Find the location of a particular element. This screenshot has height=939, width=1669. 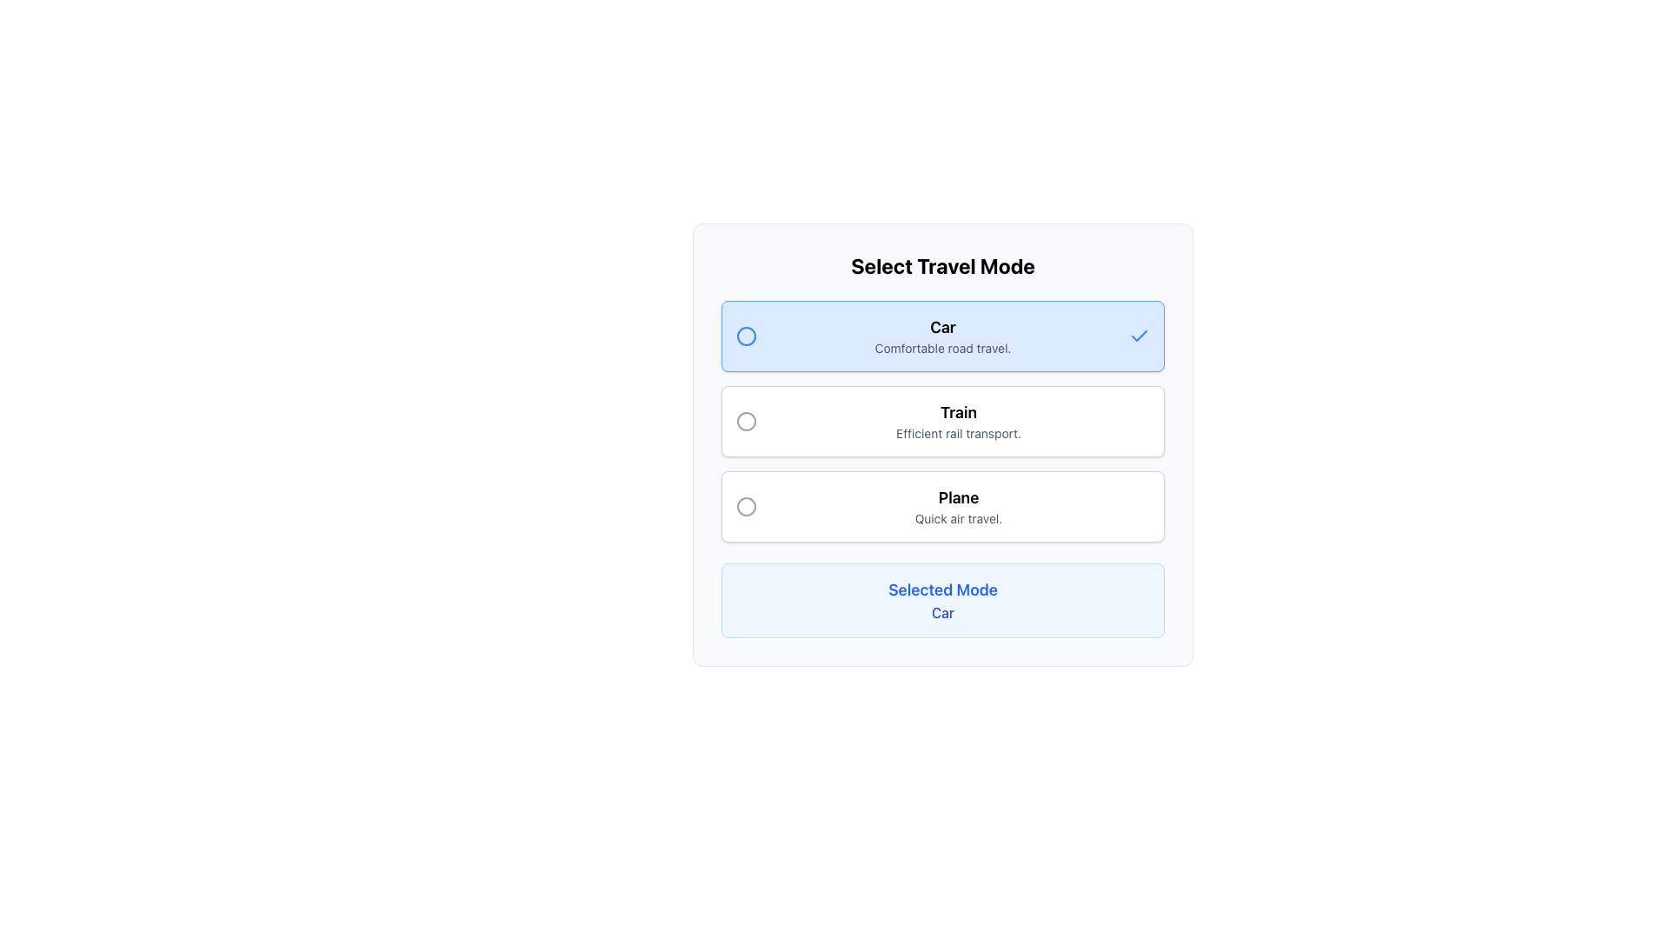

the circular radio button indicator is located at coordinates (747, 422).